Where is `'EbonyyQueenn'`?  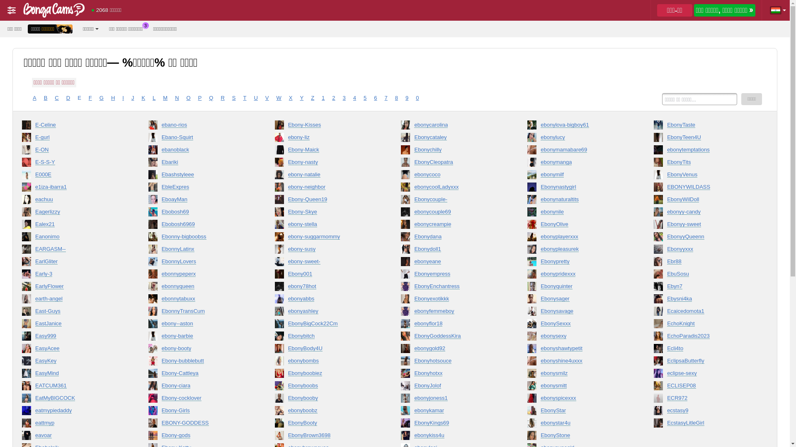 'EbonyyQueenn' is located at coordinates (704, 238).